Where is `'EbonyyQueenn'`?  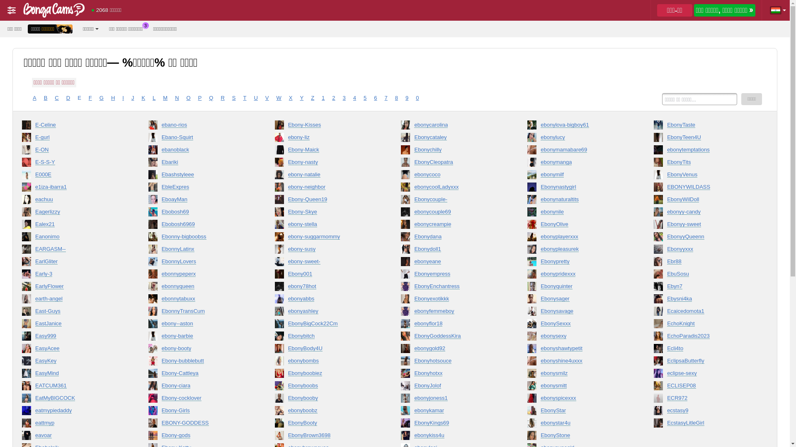 'EbonyyQueenn' is located at coordinates (704, 238).